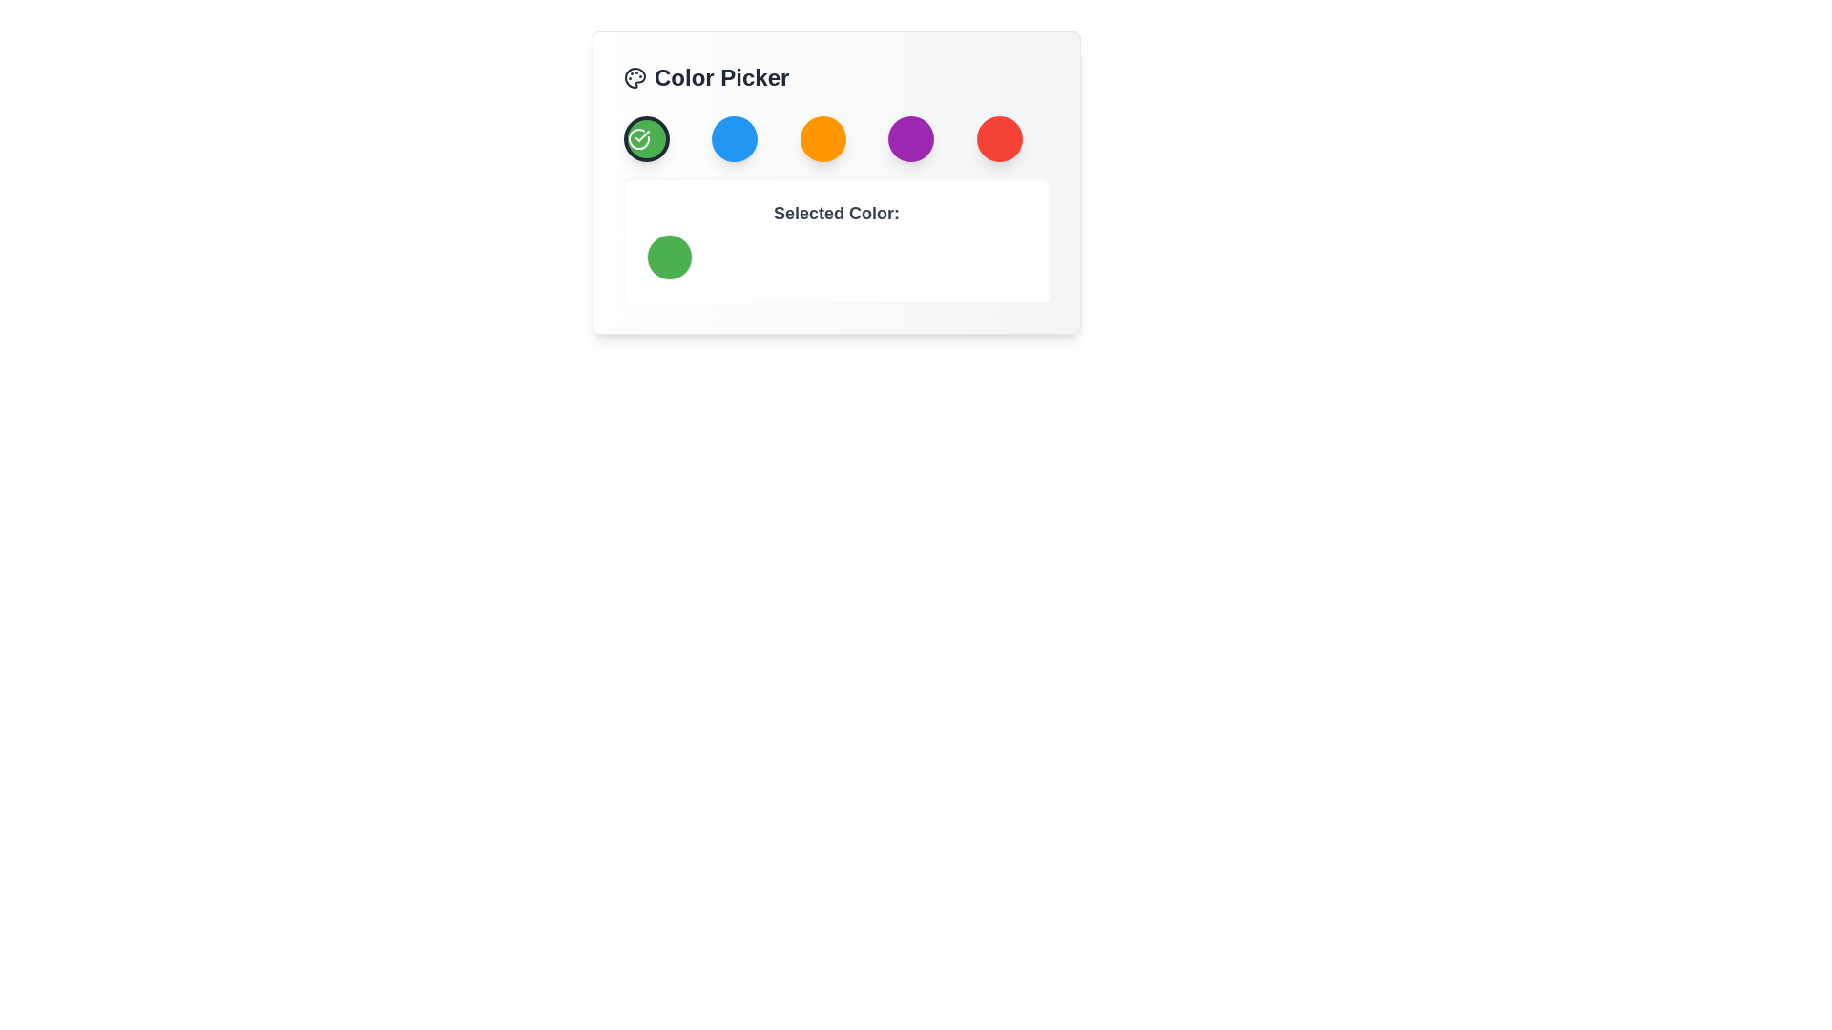 The width and height of the screenshot is (1832, 1030). Describe the element at coordinates (998, 138) in the screenshot. I see `the circular red button located at the rightmost position in the row of buttons beneath the 'Color Picker' label` at that location.